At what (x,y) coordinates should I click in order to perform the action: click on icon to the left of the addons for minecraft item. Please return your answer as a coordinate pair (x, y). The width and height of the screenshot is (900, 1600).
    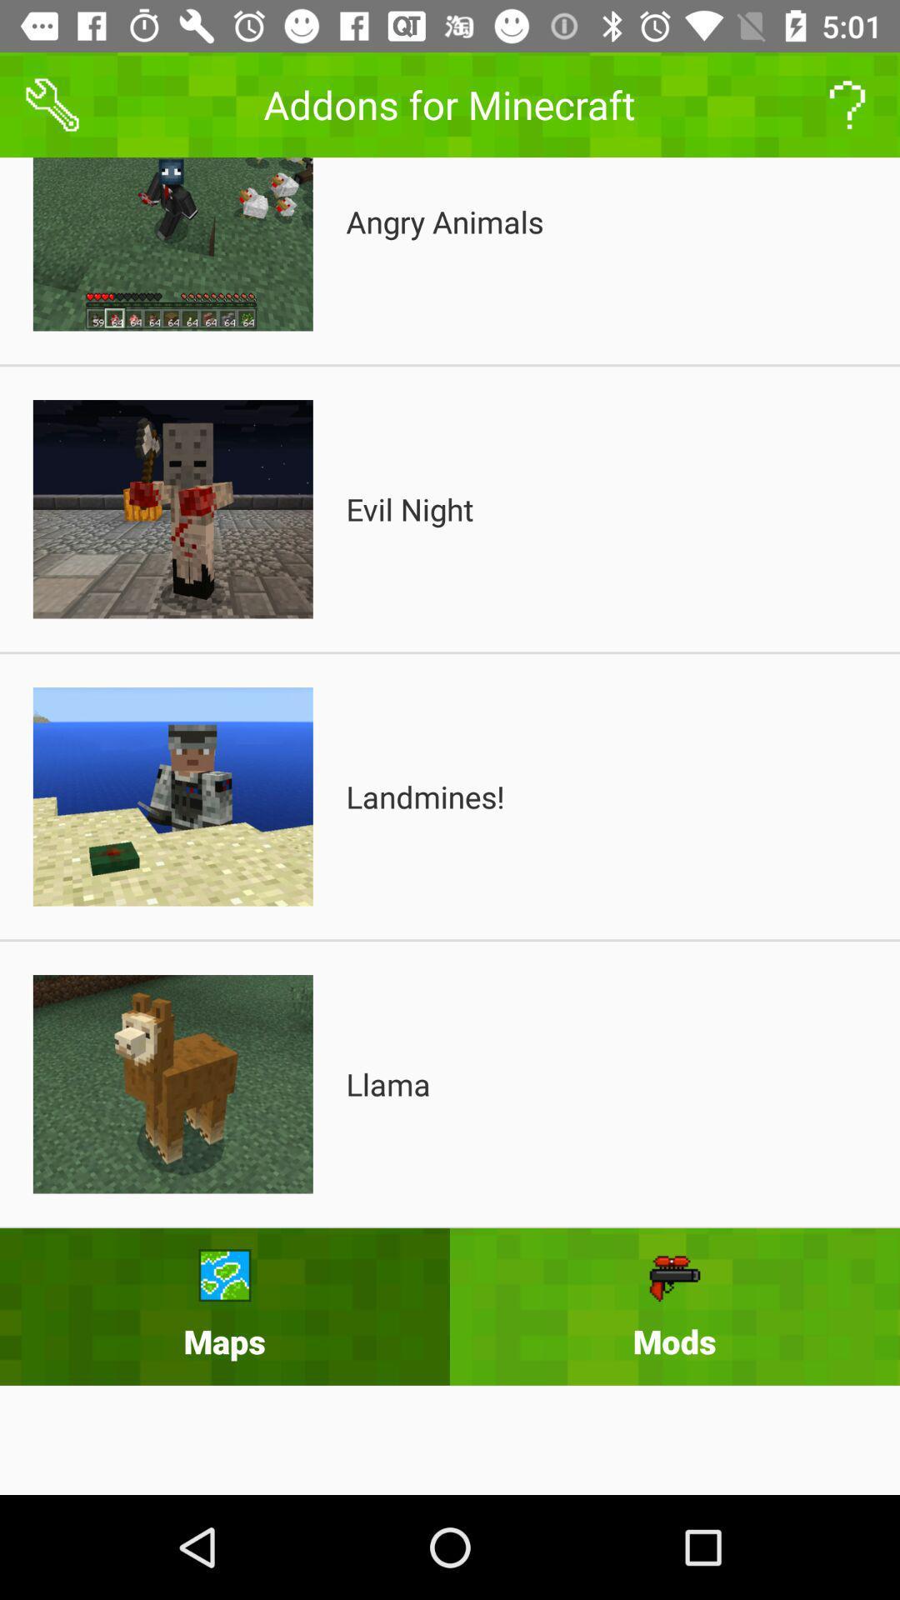
    Looking at the image, I should click on (51, 103).